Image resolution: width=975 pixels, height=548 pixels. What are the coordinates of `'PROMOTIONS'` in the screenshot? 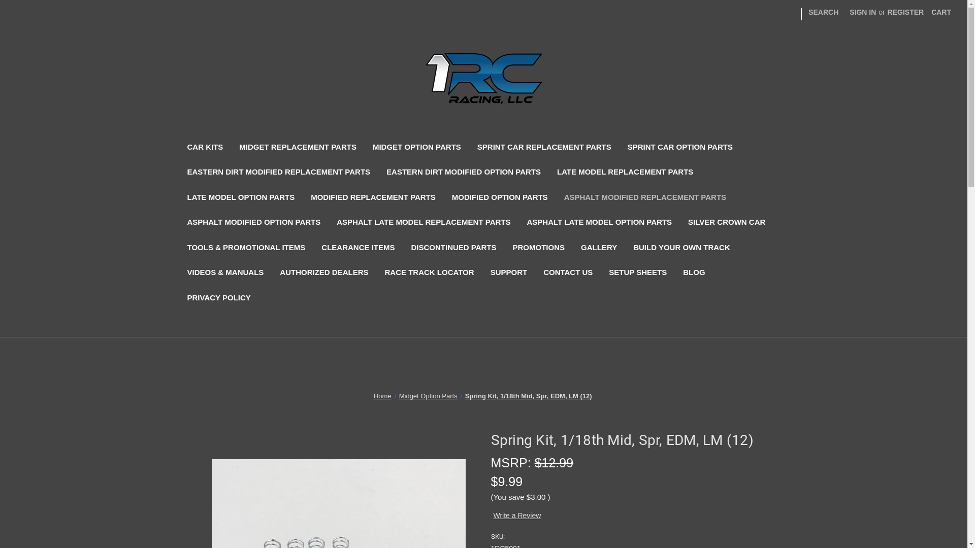 It's located at (504, 249).